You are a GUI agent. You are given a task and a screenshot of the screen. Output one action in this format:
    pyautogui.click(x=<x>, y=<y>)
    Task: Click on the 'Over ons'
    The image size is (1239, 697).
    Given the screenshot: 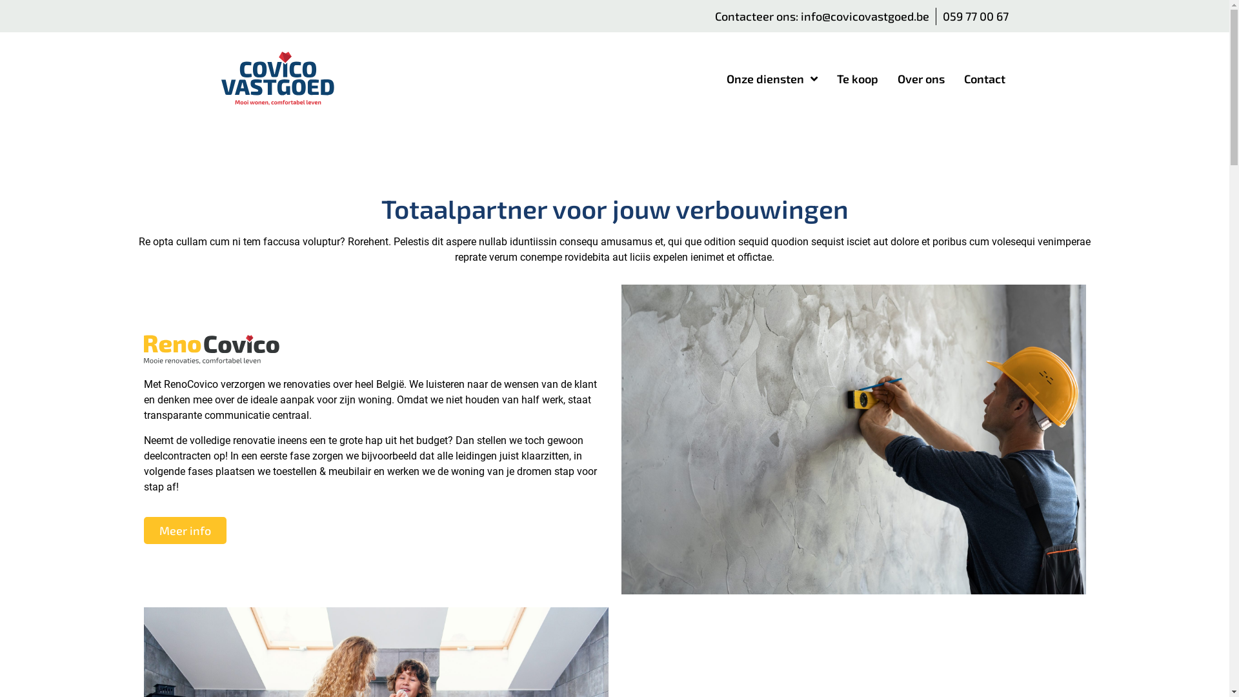 What is the action you would take?
    pyautogui.click(x=920, y=79)
    